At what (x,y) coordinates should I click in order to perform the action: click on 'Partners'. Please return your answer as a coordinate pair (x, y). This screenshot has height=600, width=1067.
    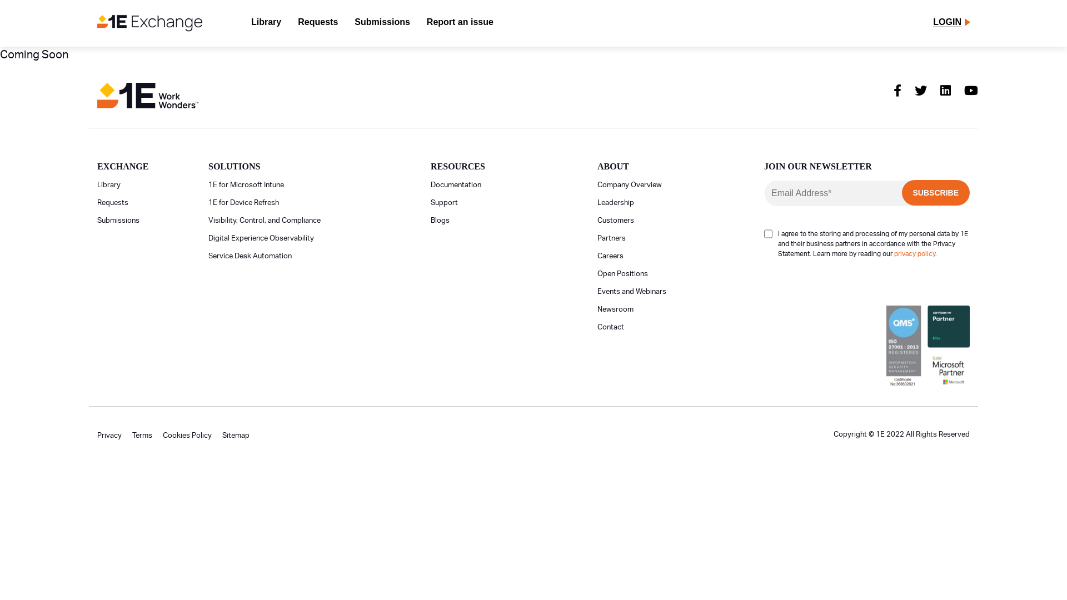
    Looking at the image, I should click on (611, 238).